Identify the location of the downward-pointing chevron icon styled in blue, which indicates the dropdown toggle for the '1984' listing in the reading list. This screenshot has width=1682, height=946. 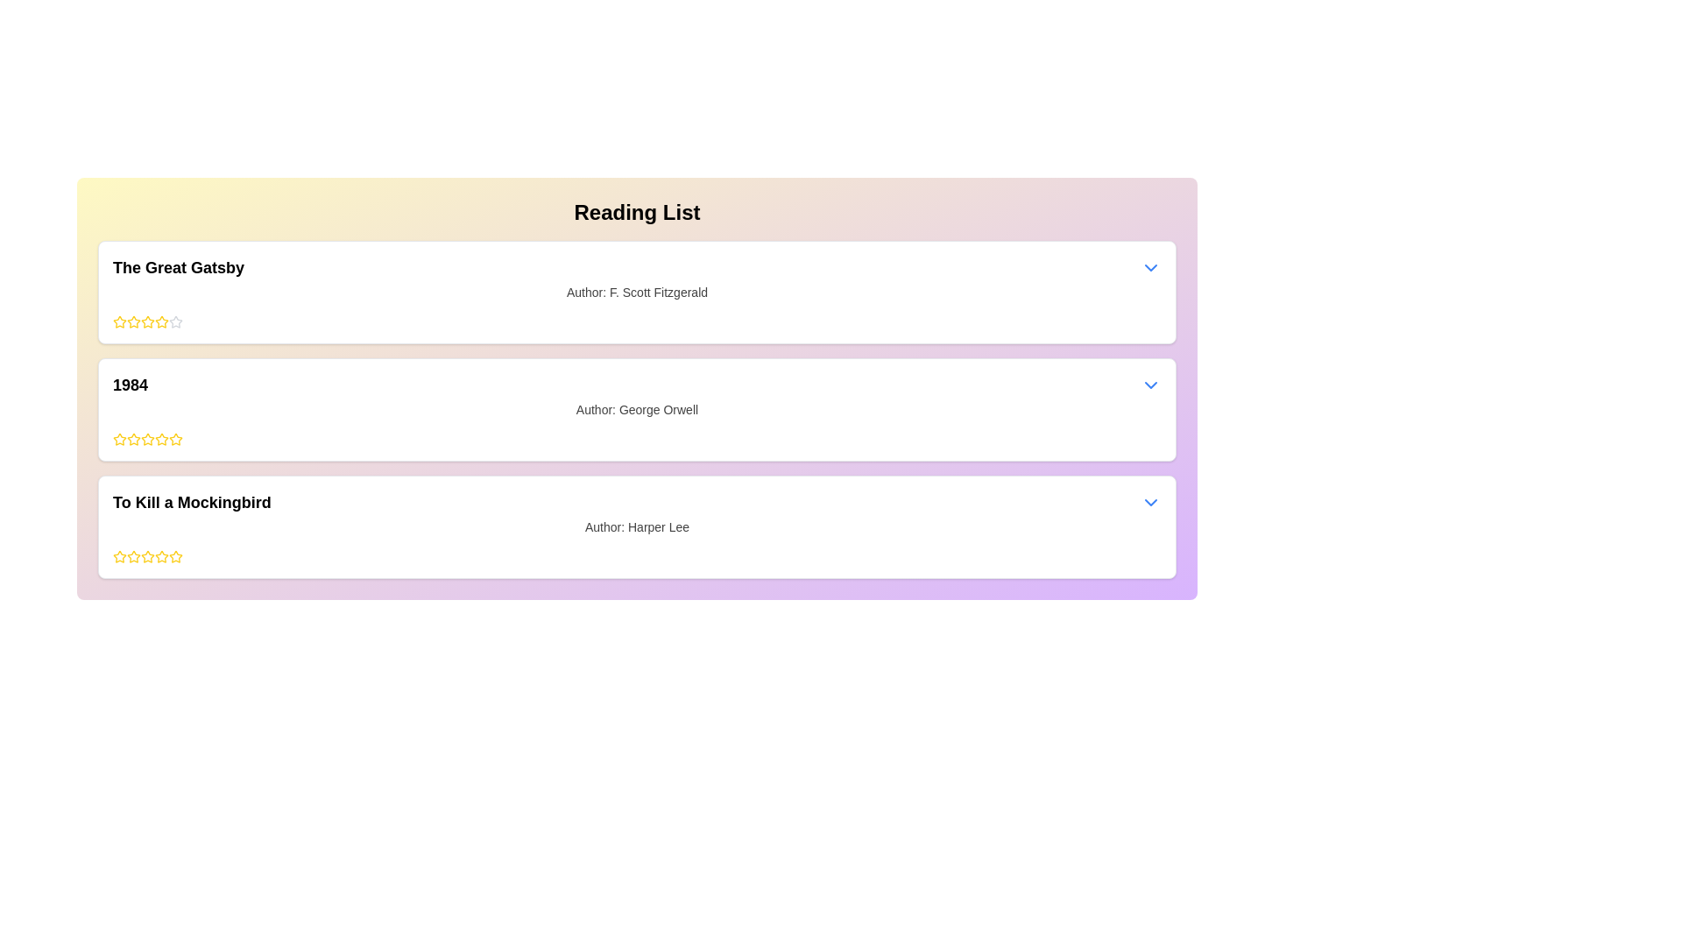
(1151, 384).